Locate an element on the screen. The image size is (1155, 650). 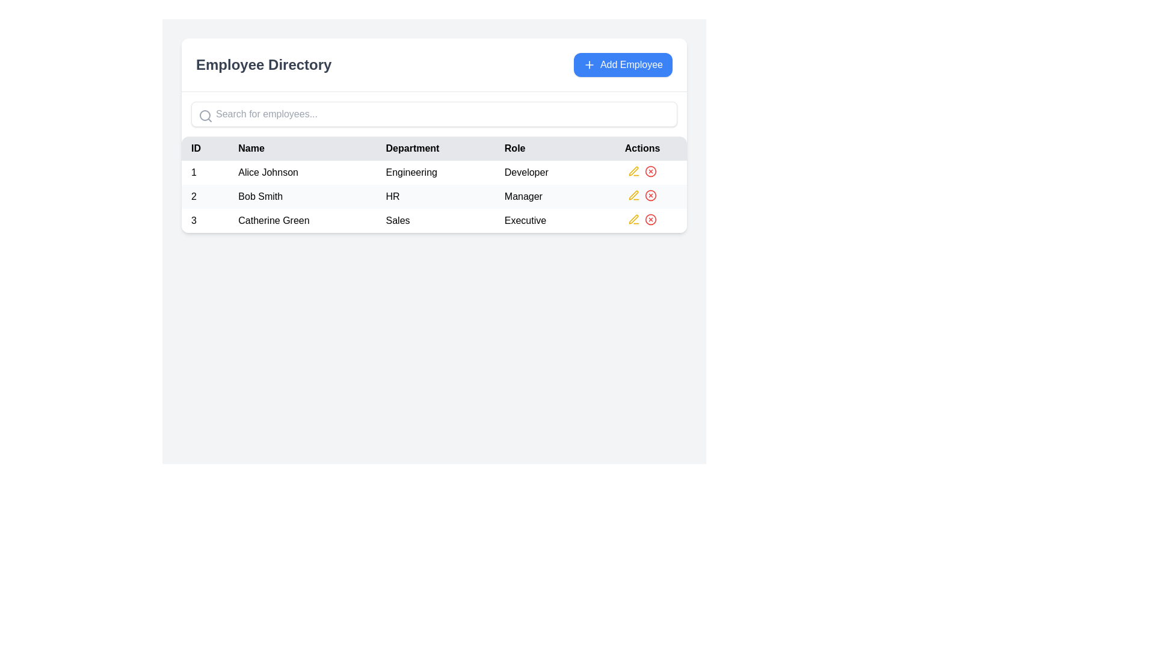
the delete icon button located in the 'Actions' column of the third row is located at coordinates (650, 220).